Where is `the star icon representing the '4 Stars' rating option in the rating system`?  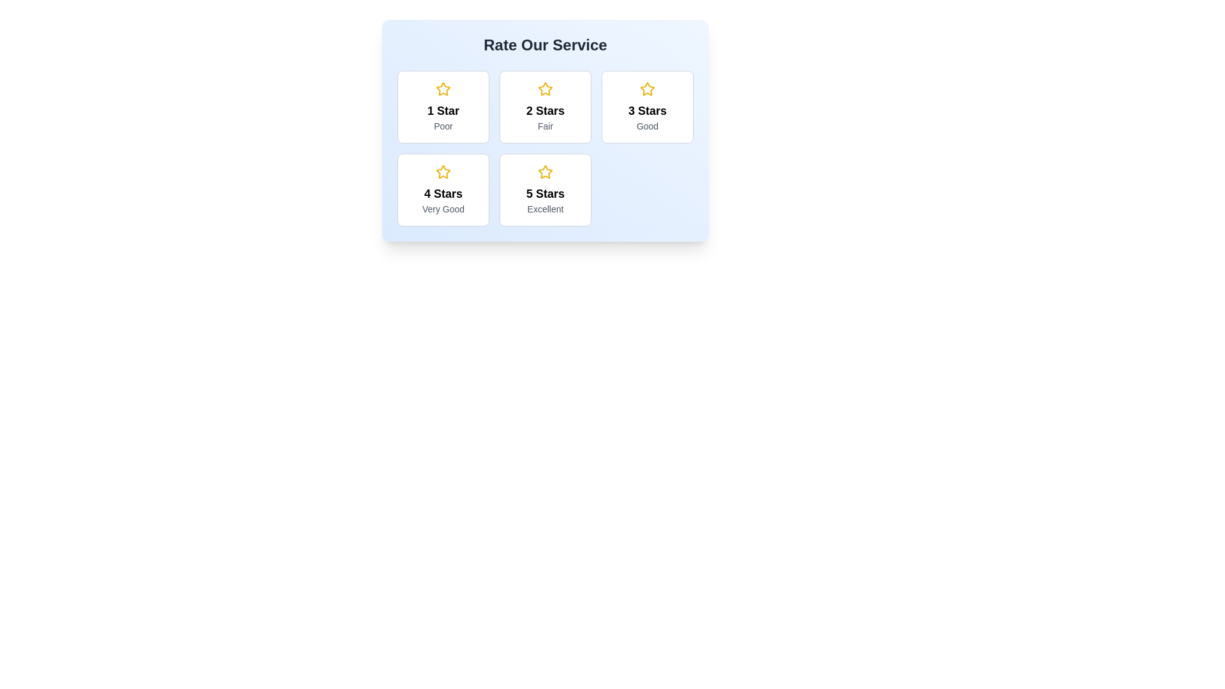 the star icon representing the '4 Stars' rating option in the rating system is located at coordinates (443, 171).